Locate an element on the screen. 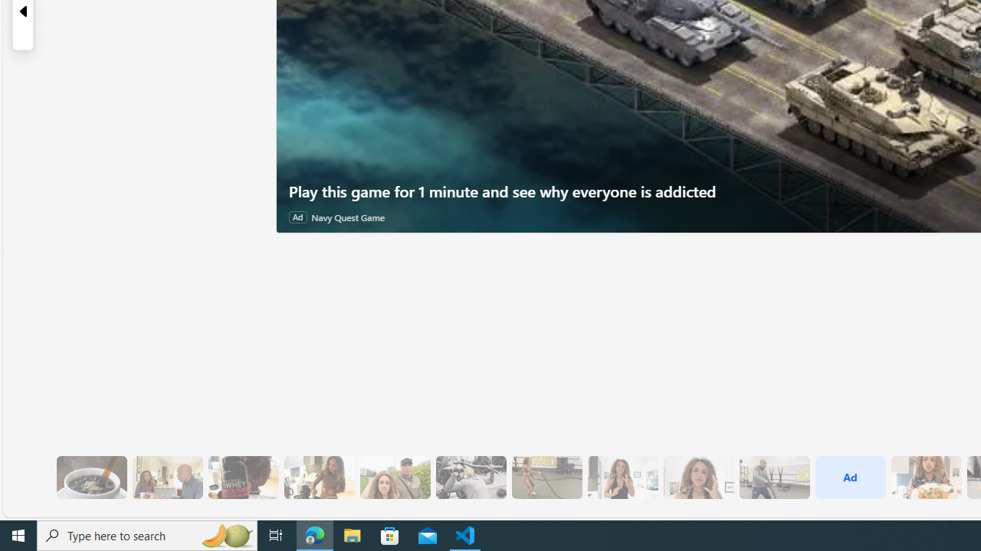 Image resolution: width=981 pixels, height=551 pixels. '6 Since Eating More Protein Her Training Has Improved' is located at coordinates (242, 477).